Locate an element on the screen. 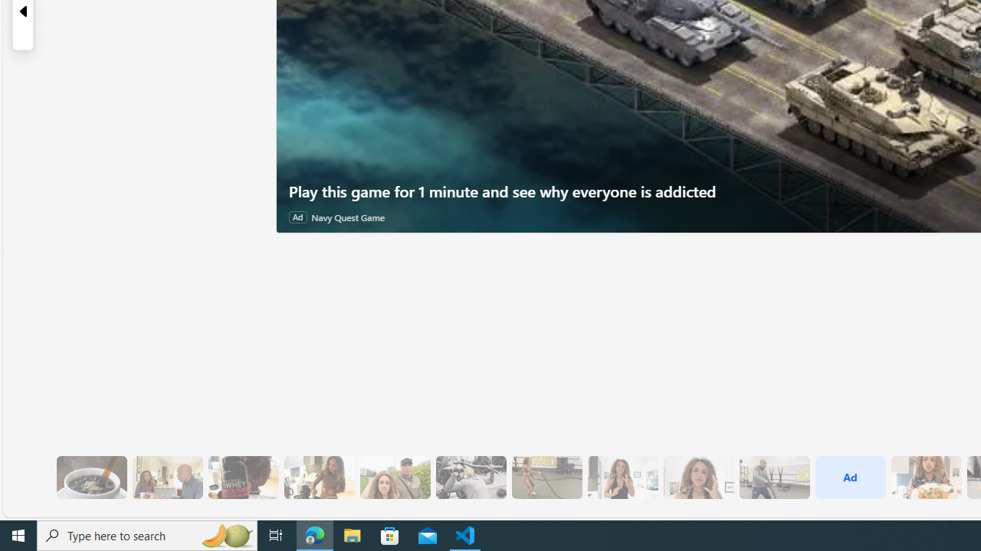 Image resolution: width=981 pixels, height=551 pixels. '6 Since Eating More Protein Her Training Has Improved' is located at coordinates (242, 477).